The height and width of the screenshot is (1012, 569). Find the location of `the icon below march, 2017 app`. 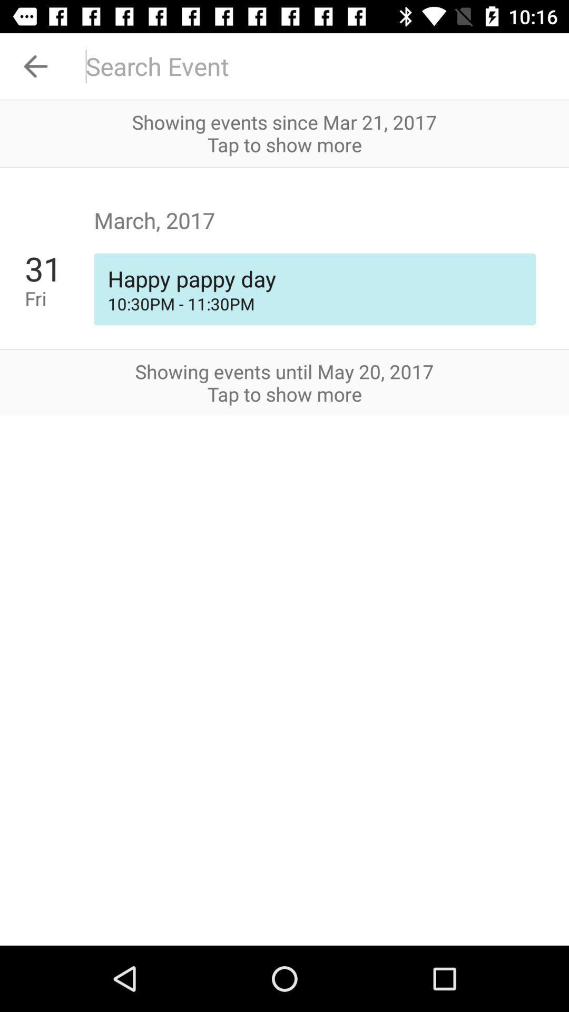

the icon below march, 2017 app is located at coordinates (59, 268).